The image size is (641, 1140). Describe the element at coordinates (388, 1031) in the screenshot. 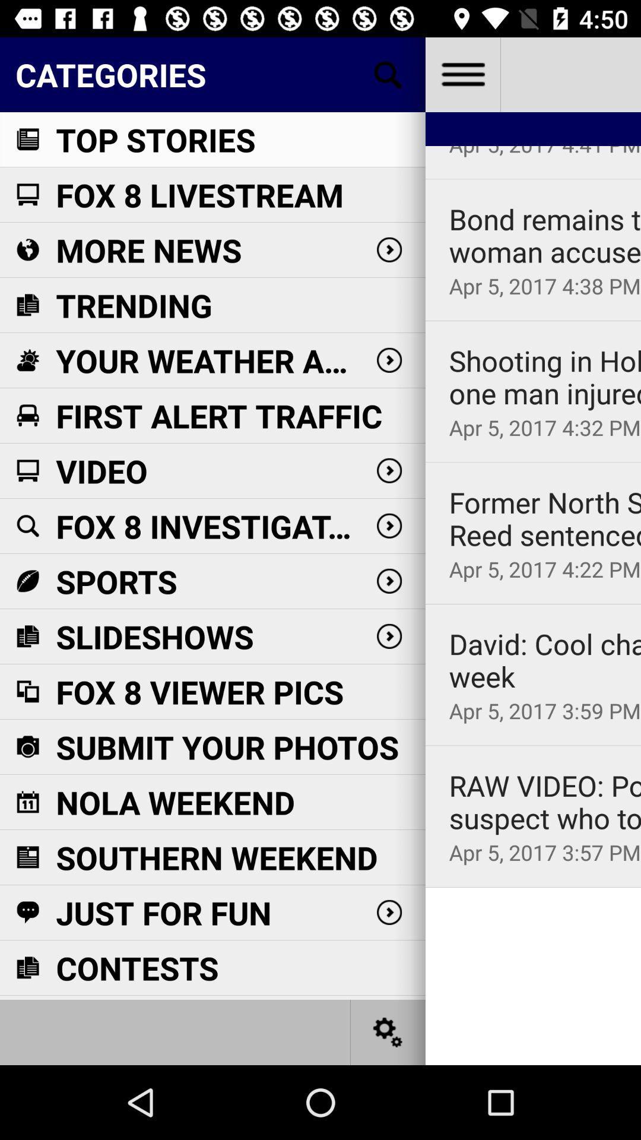

I see `settings button` at that location.